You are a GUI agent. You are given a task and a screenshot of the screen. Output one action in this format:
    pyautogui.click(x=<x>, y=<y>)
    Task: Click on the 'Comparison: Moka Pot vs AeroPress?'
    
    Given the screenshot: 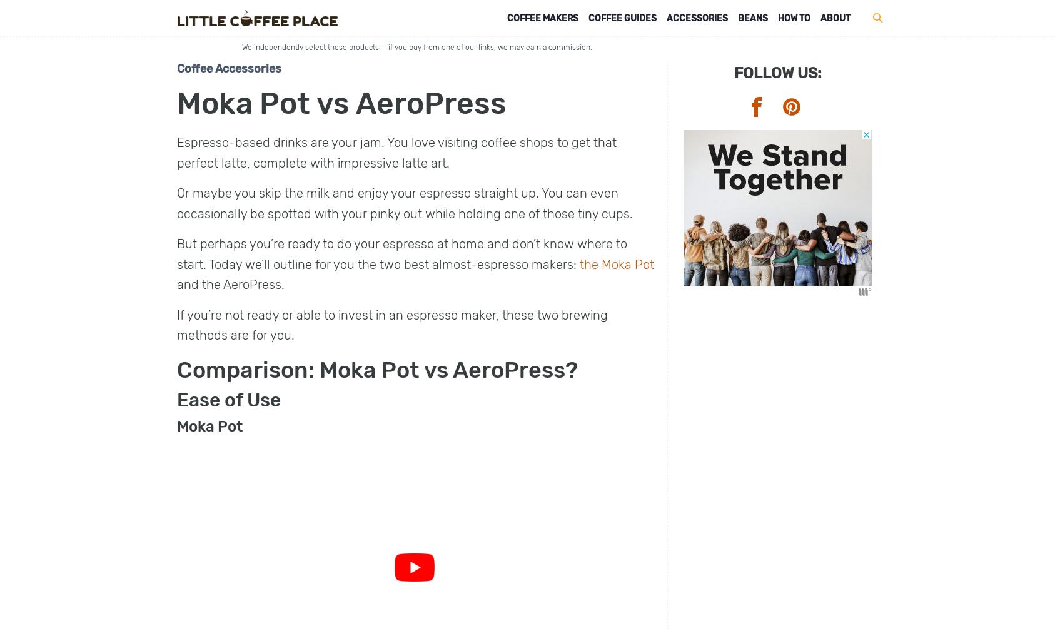 What is the action you would take?
    pyautogui.click(x=376, y=369)
    